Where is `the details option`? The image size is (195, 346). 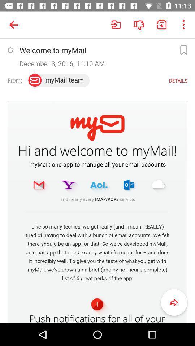 the details option is located at coordinates (178, 80).